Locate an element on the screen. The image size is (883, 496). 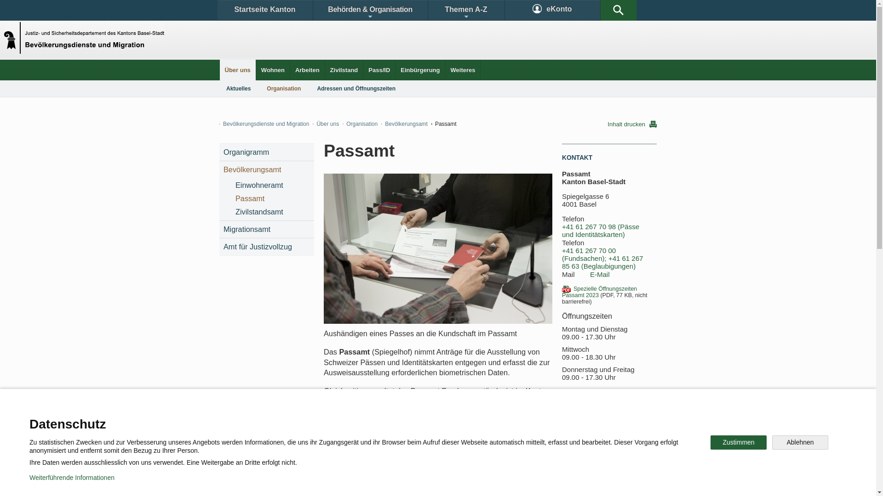
'Ablehnen' is located at coordinates (799, 442).